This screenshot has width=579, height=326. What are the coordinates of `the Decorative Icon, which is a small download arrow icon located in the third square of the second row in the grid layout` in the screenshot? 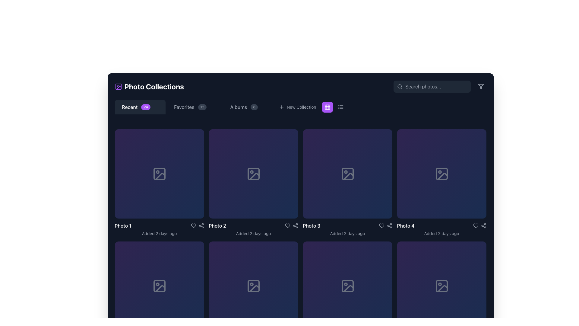 It's located at (253, 286).